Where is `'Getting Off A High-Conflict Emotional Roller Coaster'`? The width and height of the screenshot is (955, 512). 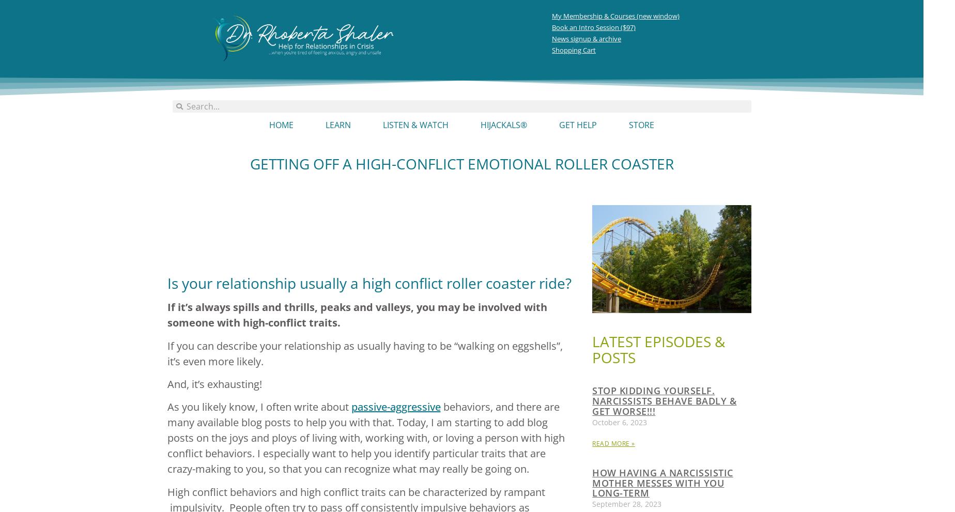
'Getting Off A High-Conflict Emotional Roller Coaster' is located at coordinates (461, 164).